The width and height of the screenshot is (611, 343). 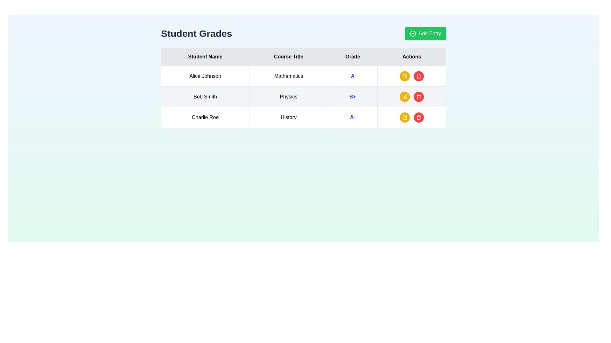 What do you see at coordinates (352, 76) in the screenshot?
I see `the static text element displaying the grade 'A' for student Alice Johnson in the Mathematics course, located in the Grade column of the table` at bounding box center [352, 76].